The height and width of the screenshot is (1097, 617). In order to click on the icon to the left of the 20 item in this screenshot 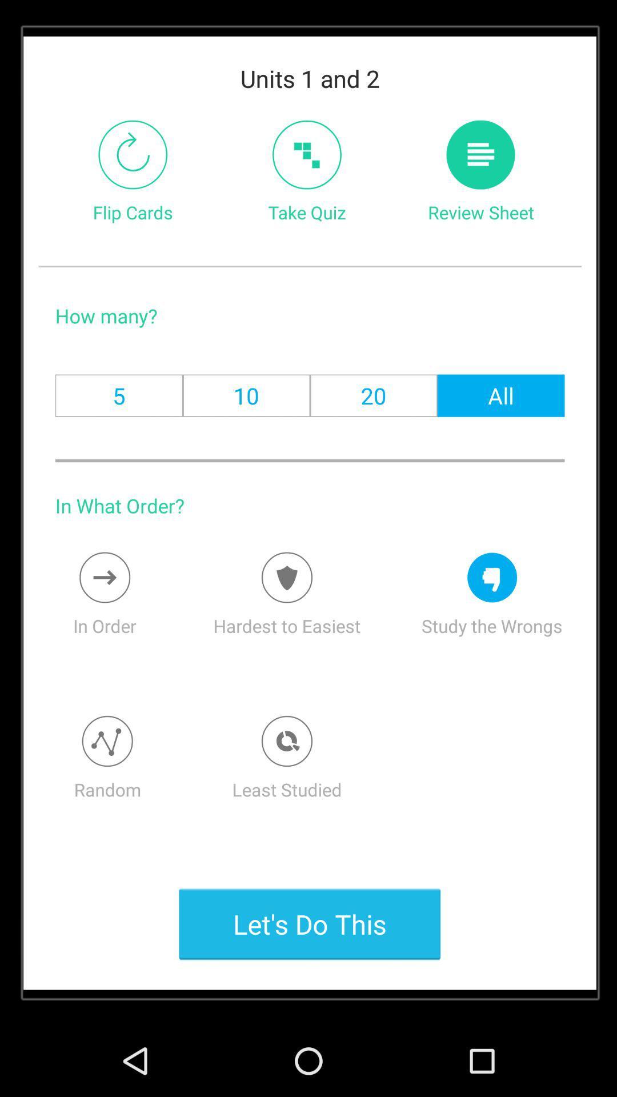, I will do `click(246, 395)`.